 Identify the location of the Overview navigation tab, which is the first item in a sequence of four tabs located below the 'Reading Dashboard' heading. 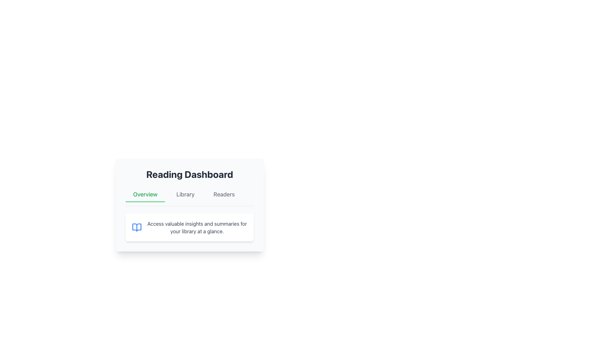
(145, 194).